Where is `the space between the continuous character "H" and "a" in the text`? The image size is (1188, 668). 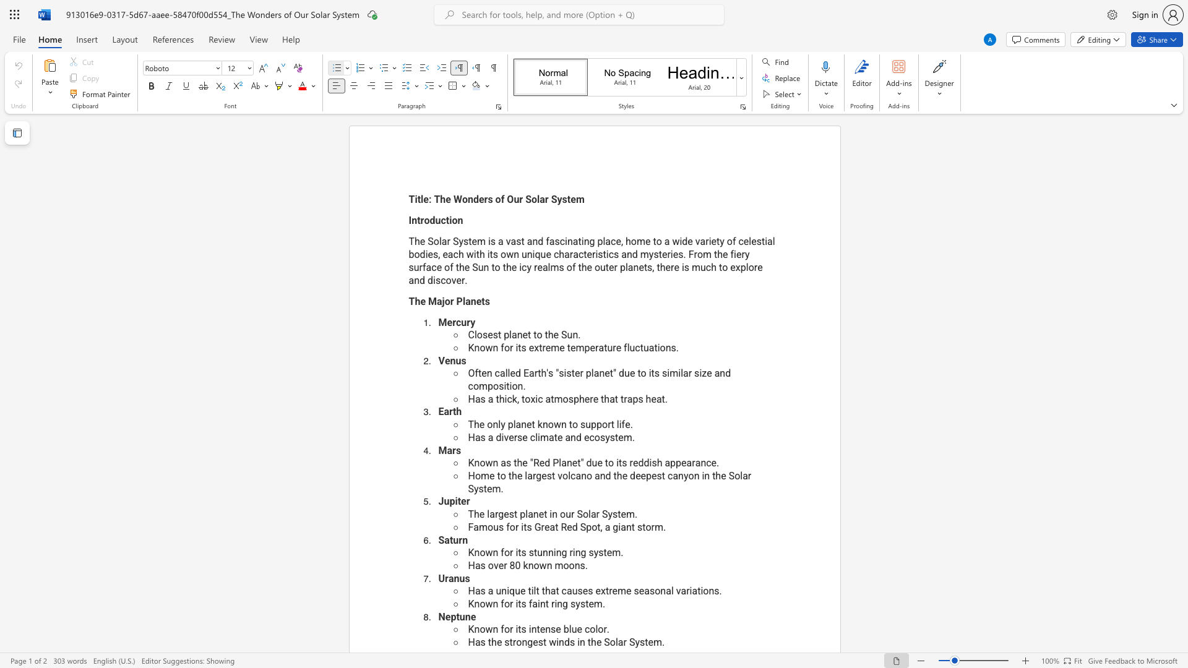
the space between the continuous character "H" and "a" in the text is located at coordinates (474, 437).